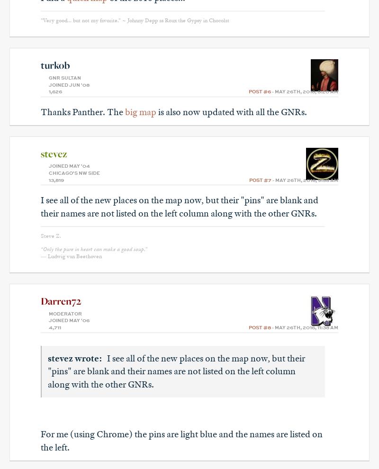  Describe the element at coordinates (79, 166) in the screenshot. I see `'May '04'` at that location.